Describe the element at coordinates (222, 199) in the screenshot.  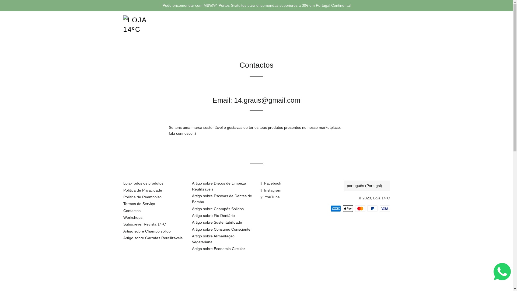
I see `'Artigo sobre Escovas de Dentes de Bambu'` at that location.